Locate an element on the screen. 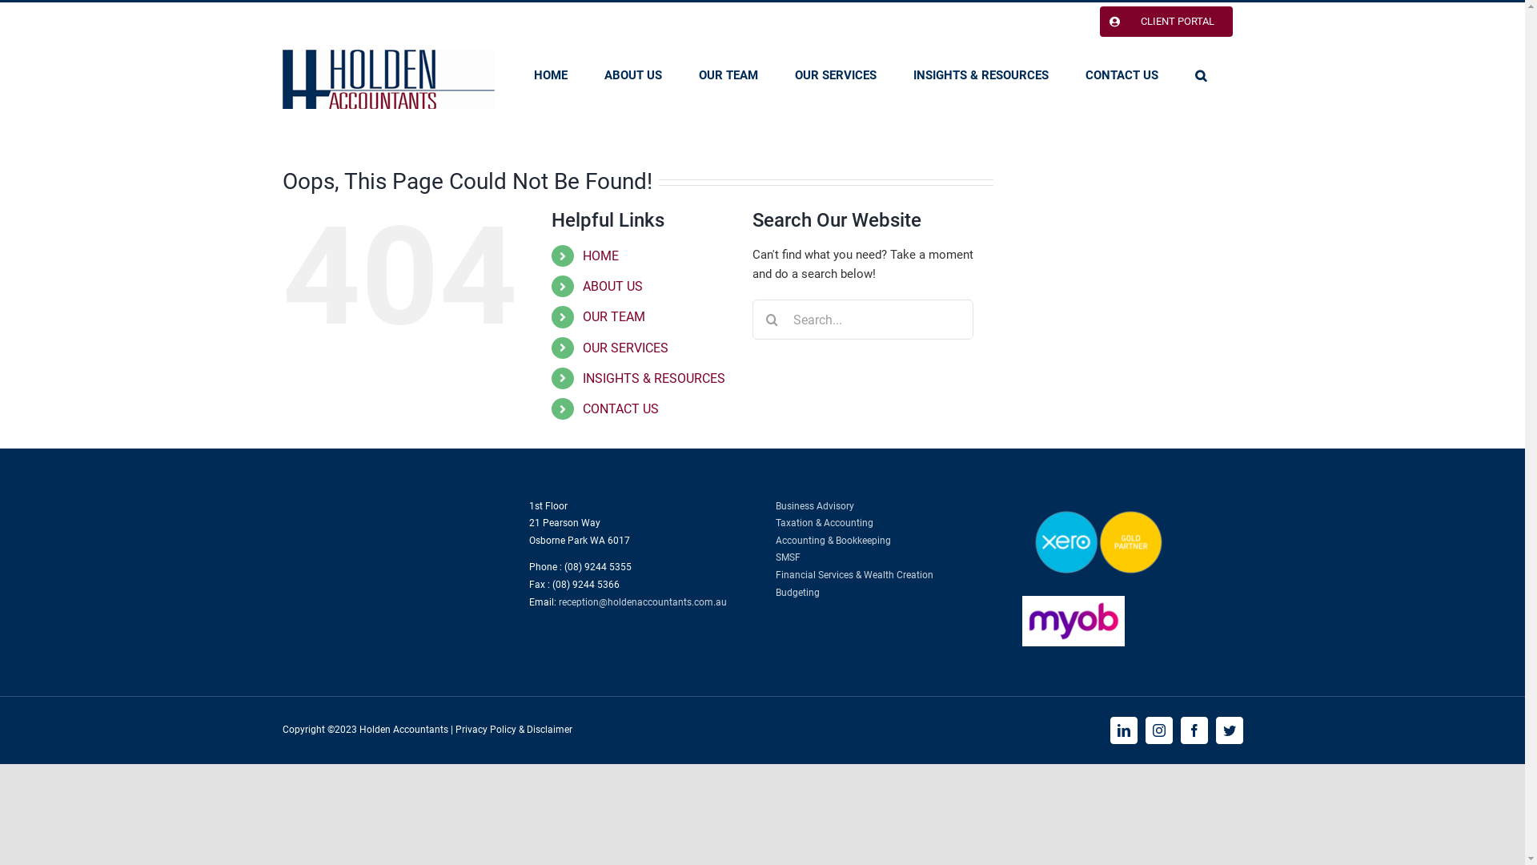  'CLIENT PORTAL' is located at coordinates (1088, 22).